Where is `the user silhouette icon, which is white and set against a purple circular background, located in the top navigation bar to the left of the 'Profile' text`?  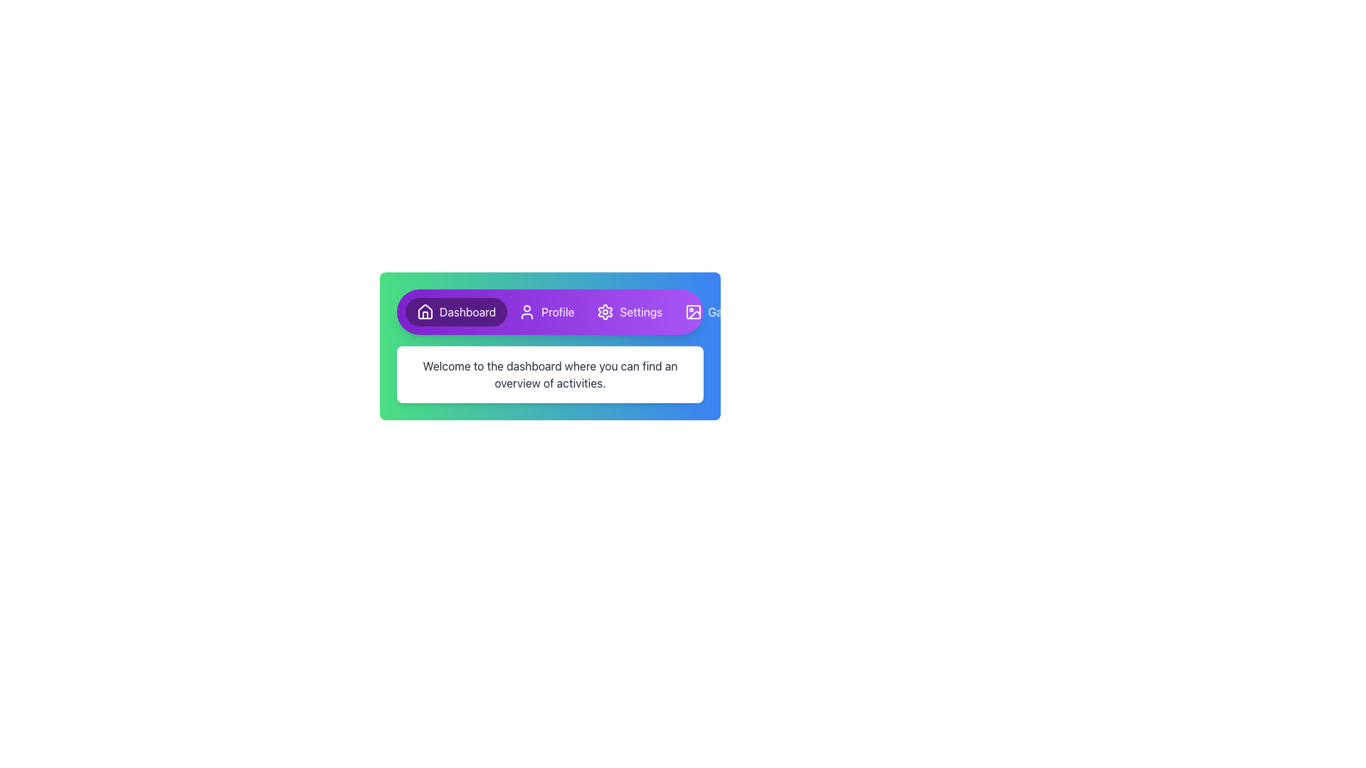 the user silhouette icon, which is white and set against a purple circular background, located in the top navigation bar to the left of the 'Profile' text is located at coordinates (526, 311).